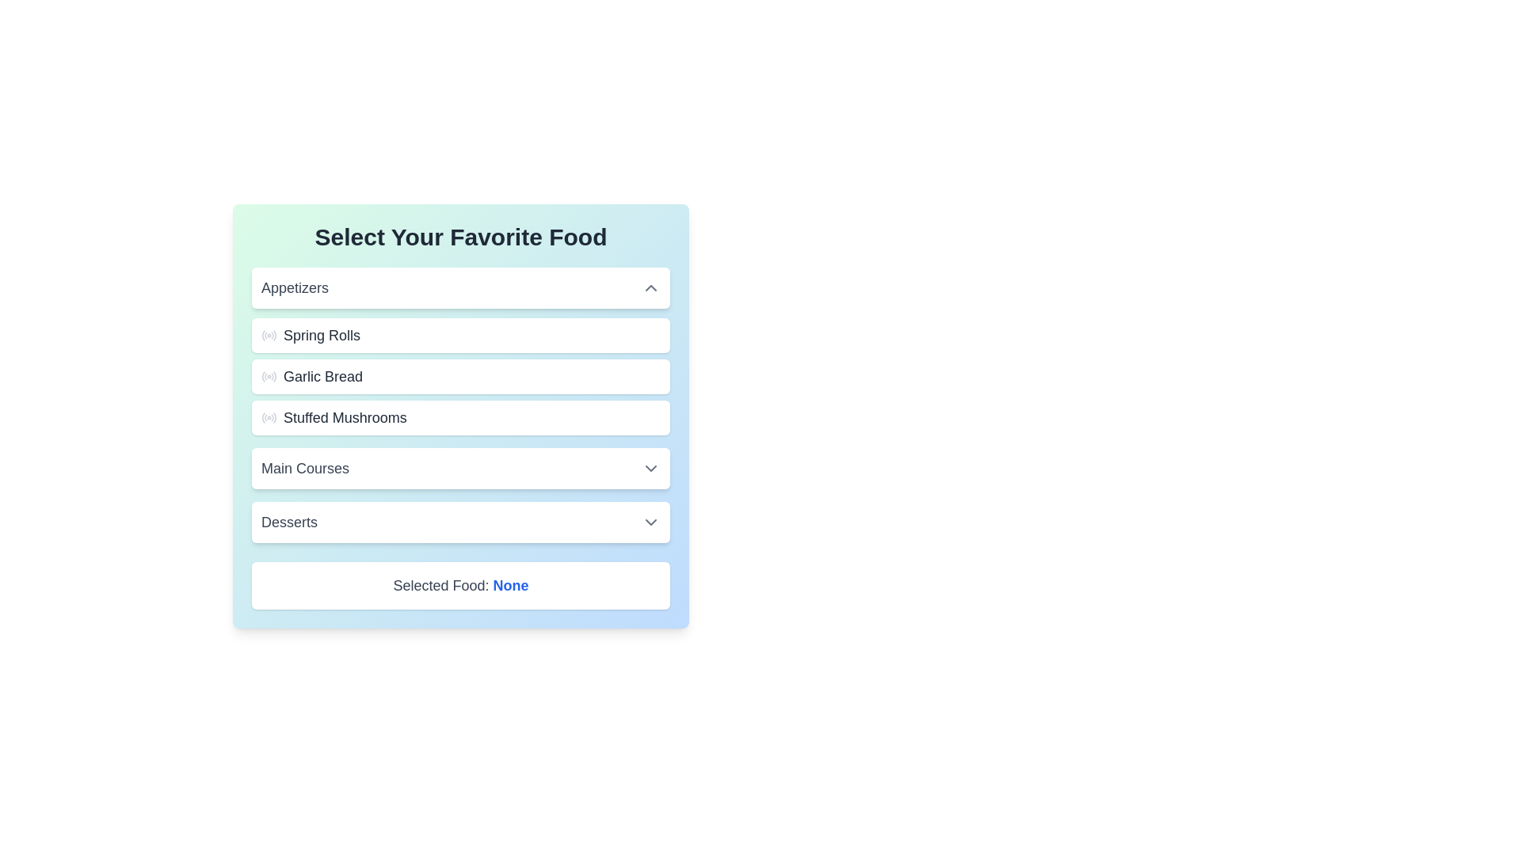 The image size is (1521, 855). What do you see at coordinates (459, 350) in the screenshot?
I see `the selectable item in the 'Appetizers' category` at bounding box center [459, 350].